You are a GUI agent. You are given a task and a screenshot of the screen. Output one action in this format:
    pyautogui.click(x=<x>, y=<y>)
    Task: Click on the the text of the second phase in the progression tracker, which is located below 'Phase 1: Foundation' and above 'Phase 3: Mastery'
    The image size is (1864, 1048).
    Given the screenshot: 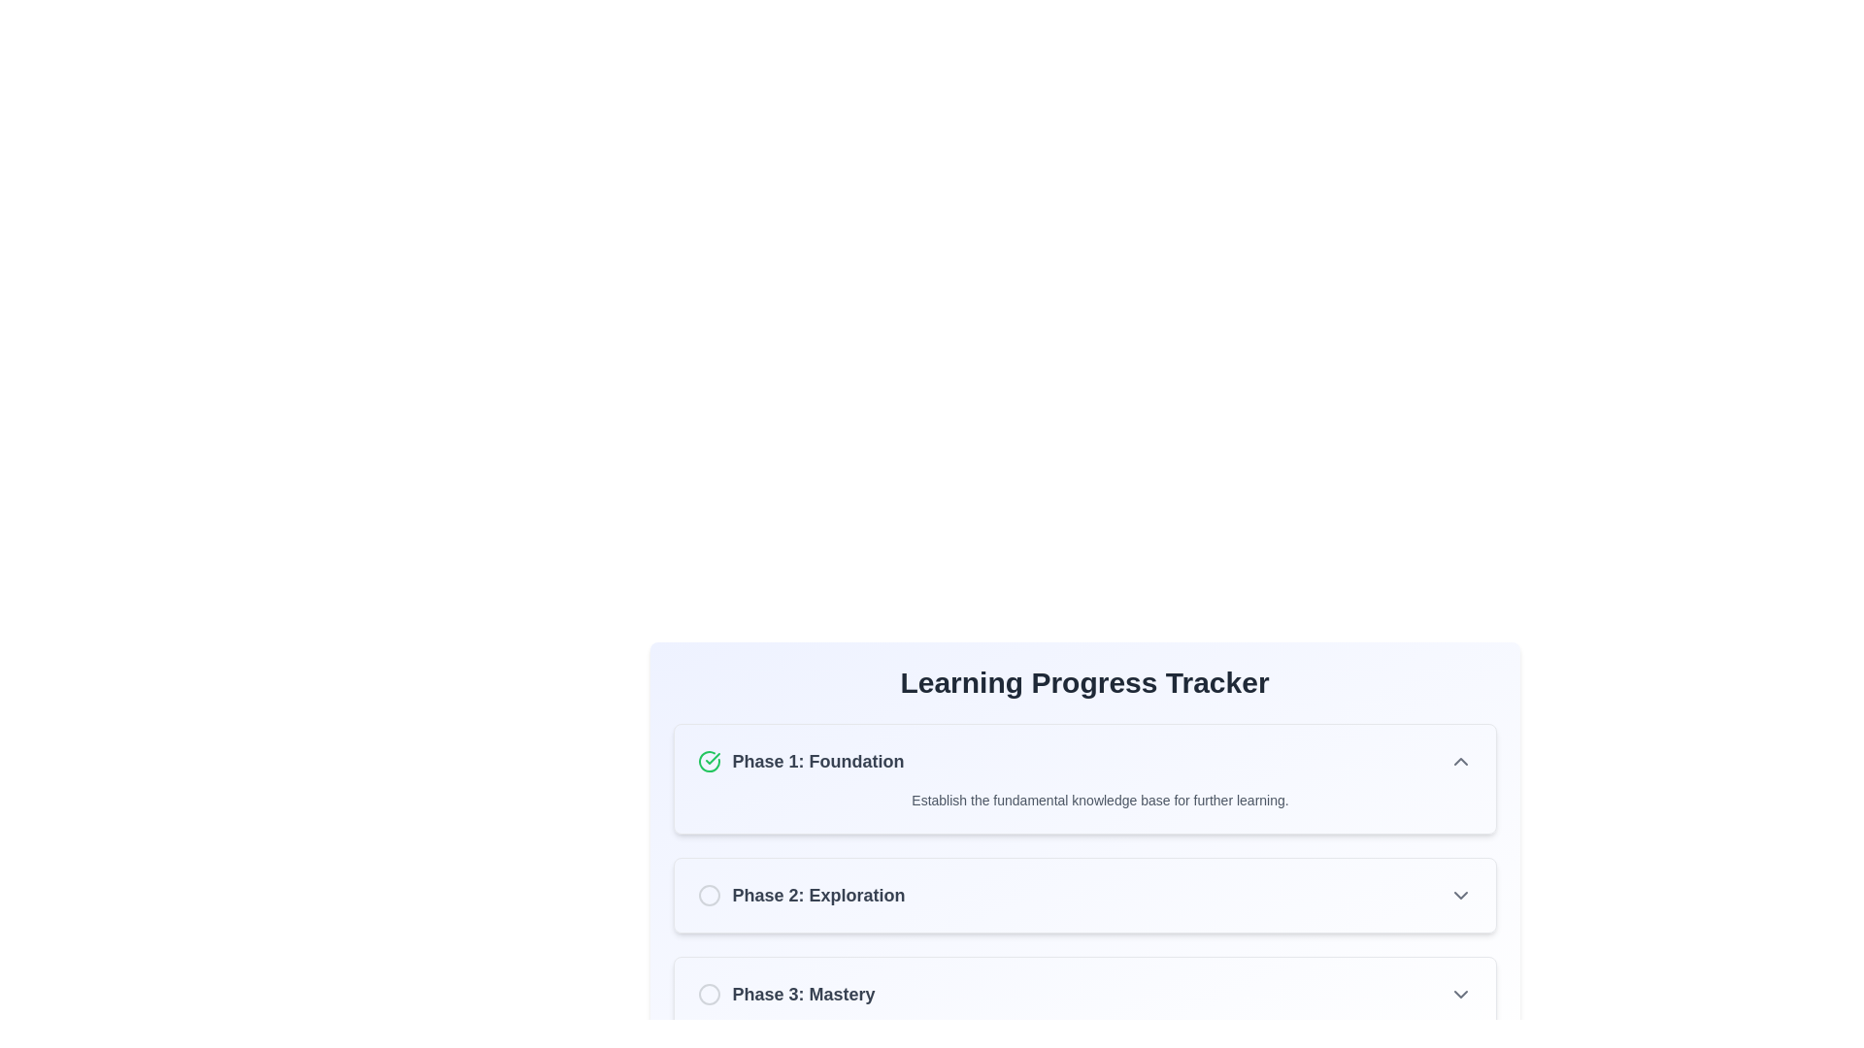 What is the action you would take?
    pyautogui.click(x=801, y=895)
    